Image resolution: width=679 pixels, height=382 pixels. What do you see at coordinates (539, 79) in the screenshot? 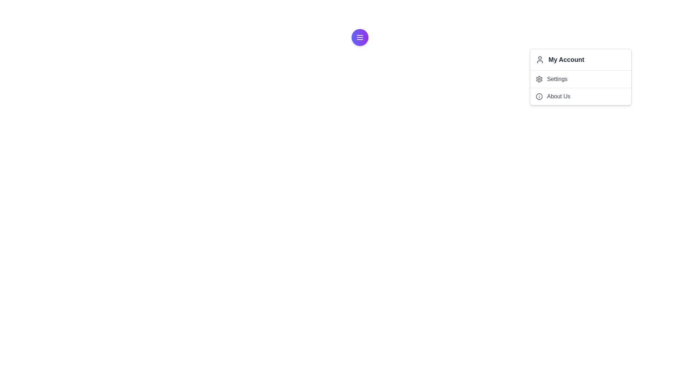
I see `the gear icon in the dropdown menu under 'My Account'` at bounding box center [539, 79].